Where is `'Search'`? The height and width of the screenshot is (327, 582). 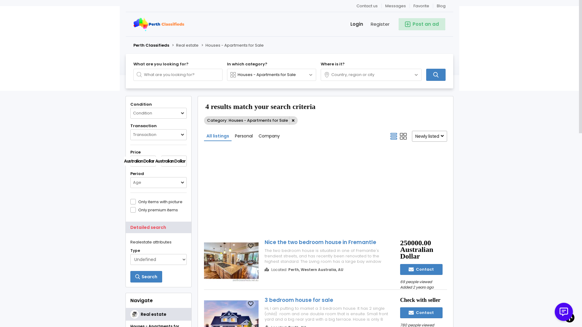 'Search' is located at coordinates (146, 277).